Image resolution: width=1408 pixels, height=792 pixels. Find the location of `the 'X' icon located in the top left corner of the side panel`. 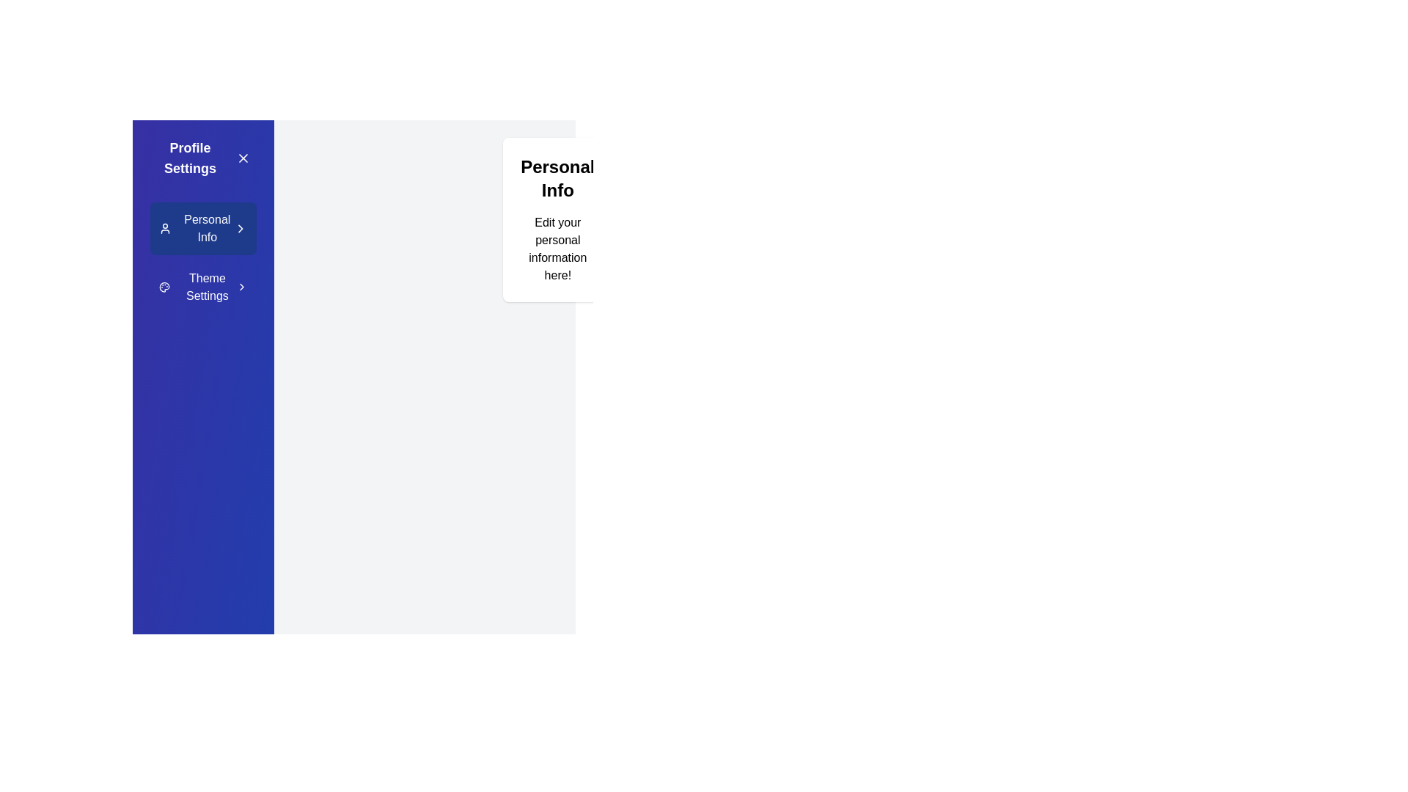

the 'X' icon located in the top left corner of the side panel is located at coordinates (243, 158).